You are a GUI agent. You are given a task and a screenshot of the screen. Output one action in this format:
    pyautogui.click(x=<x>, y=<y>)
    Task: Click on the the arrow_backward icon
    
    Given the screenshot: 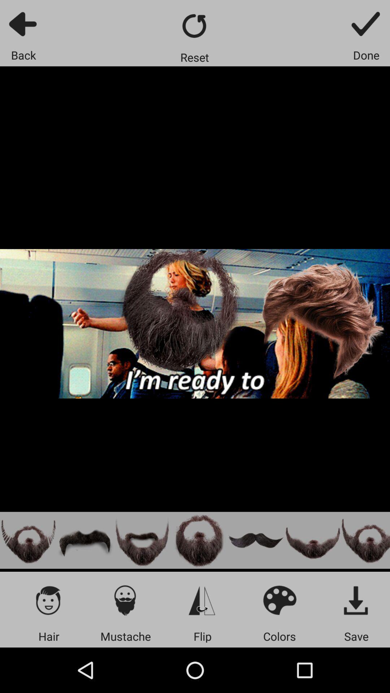 What is the action you would take?
    pyautogui.click(x=23, y=23)
    